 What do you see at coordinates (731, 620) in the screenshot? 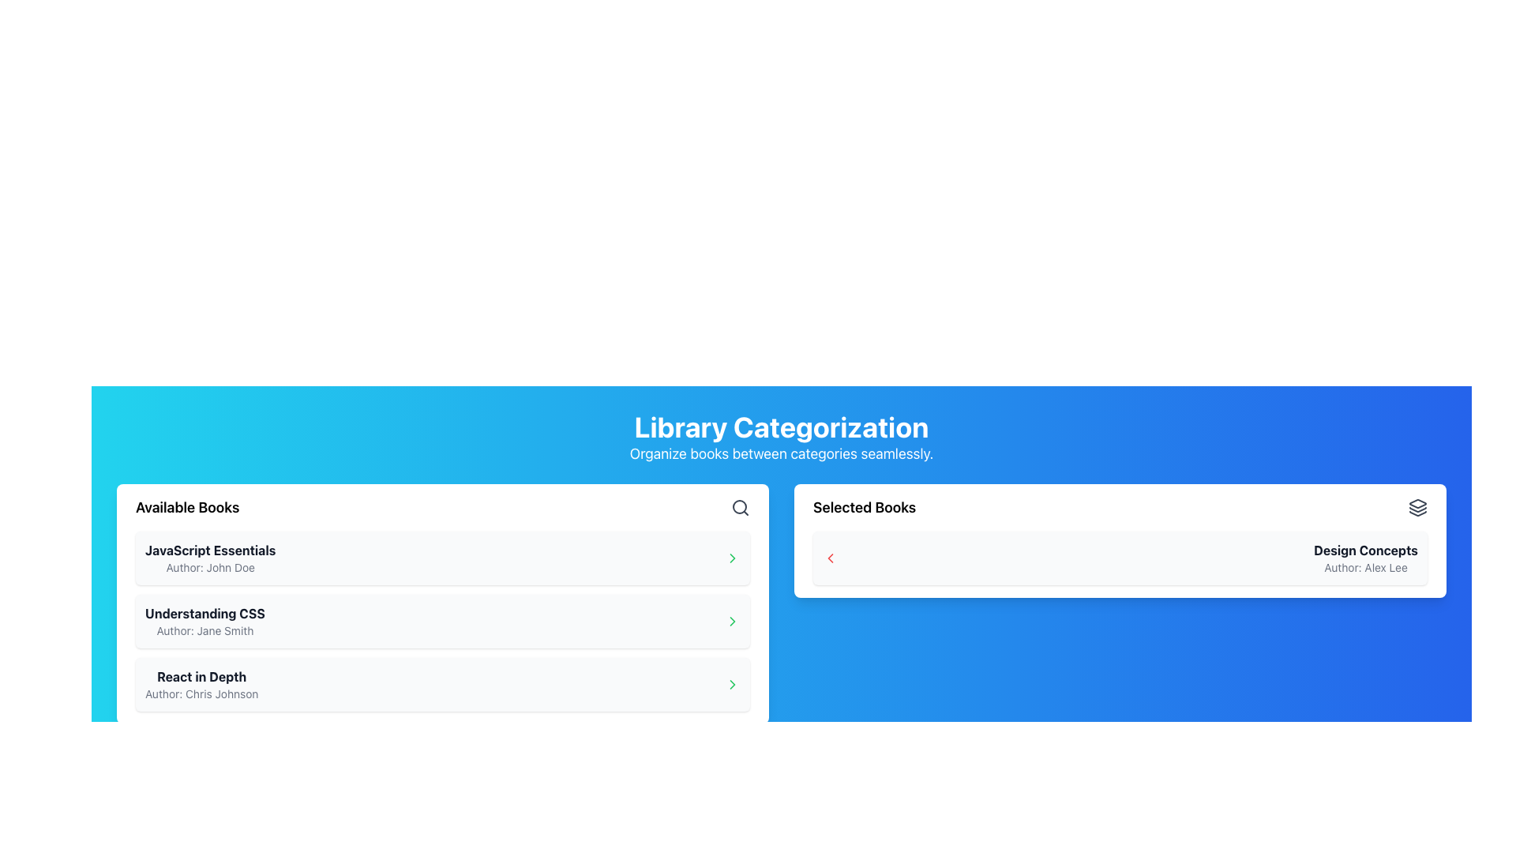
I see `the navigation arrow icon located to the right of the 'React in Depth' entry in the 'Available Books' list` at bounding box center [731, 620].